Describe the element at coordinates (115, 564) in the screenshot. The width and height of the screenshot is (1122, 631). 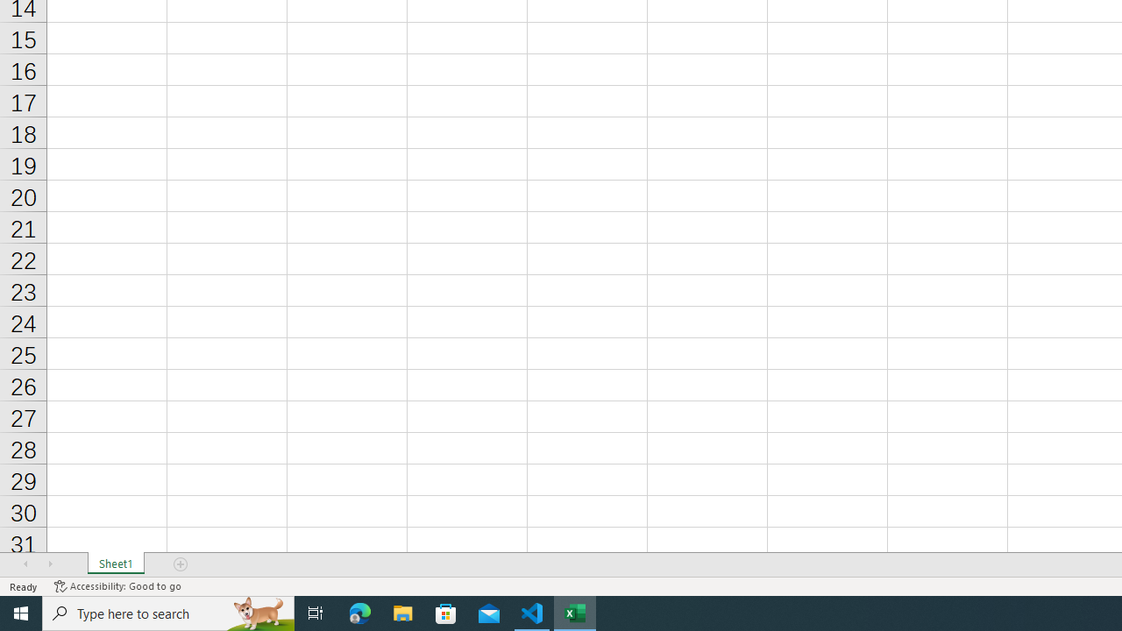
I see `'Sheet1'` at that location.